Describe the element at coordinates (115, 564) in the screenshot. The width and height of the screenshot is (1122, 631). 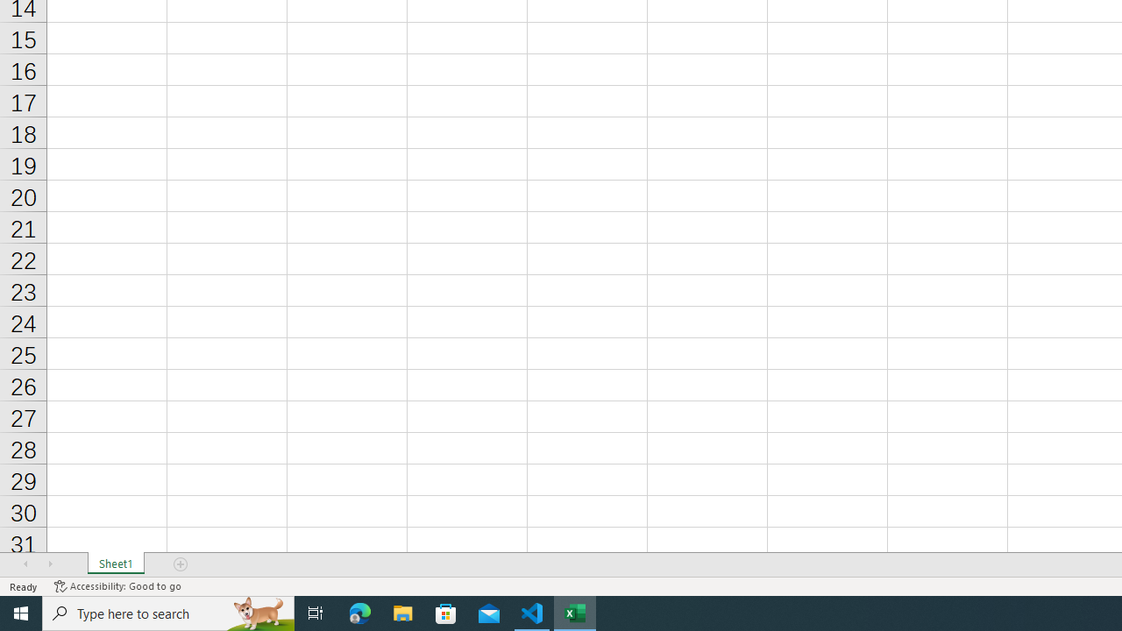
I see `'Sheet1'` at that location.